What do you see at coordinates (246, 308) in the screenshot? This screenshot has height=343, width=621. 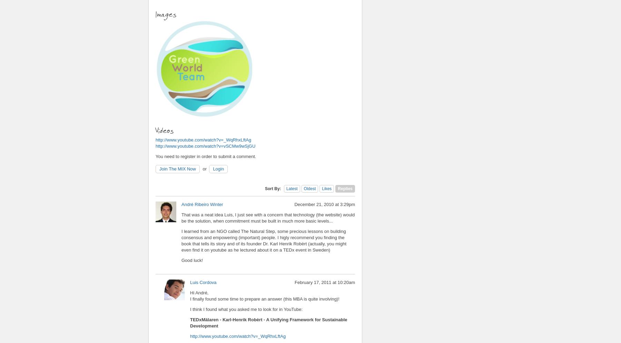 I see `'I think I found what you asked me to look for in YouTube:'` at bounding box center [246, 308].